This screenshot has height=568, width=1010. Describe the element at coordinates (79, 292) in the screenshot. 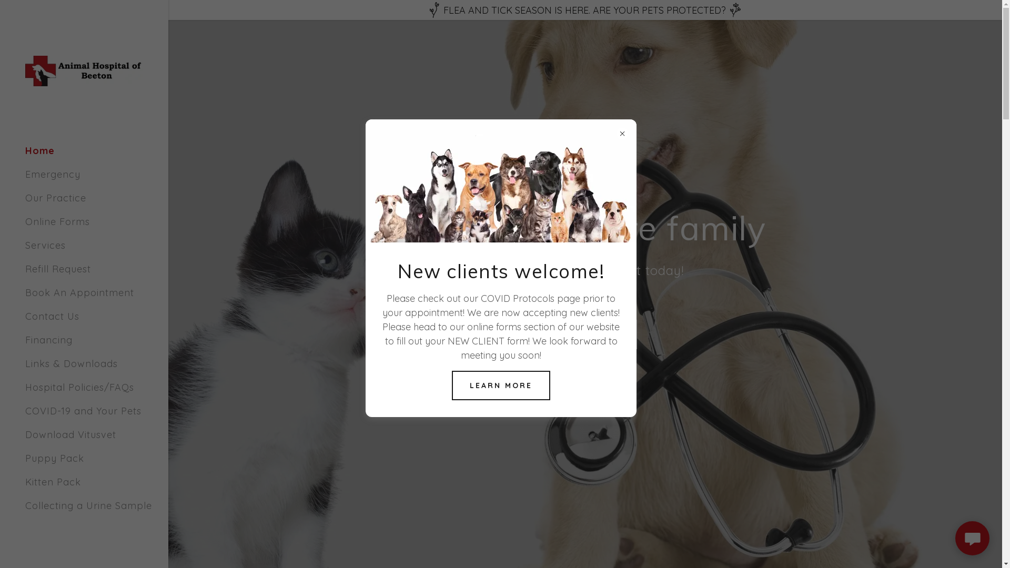

I see `'Book An Appointment'` at that location.